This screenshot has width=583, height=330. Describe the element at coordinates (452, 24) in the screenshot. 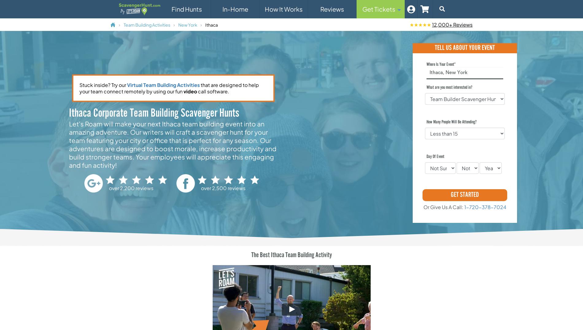

I see `'12,000+ Reviews'` at that location.